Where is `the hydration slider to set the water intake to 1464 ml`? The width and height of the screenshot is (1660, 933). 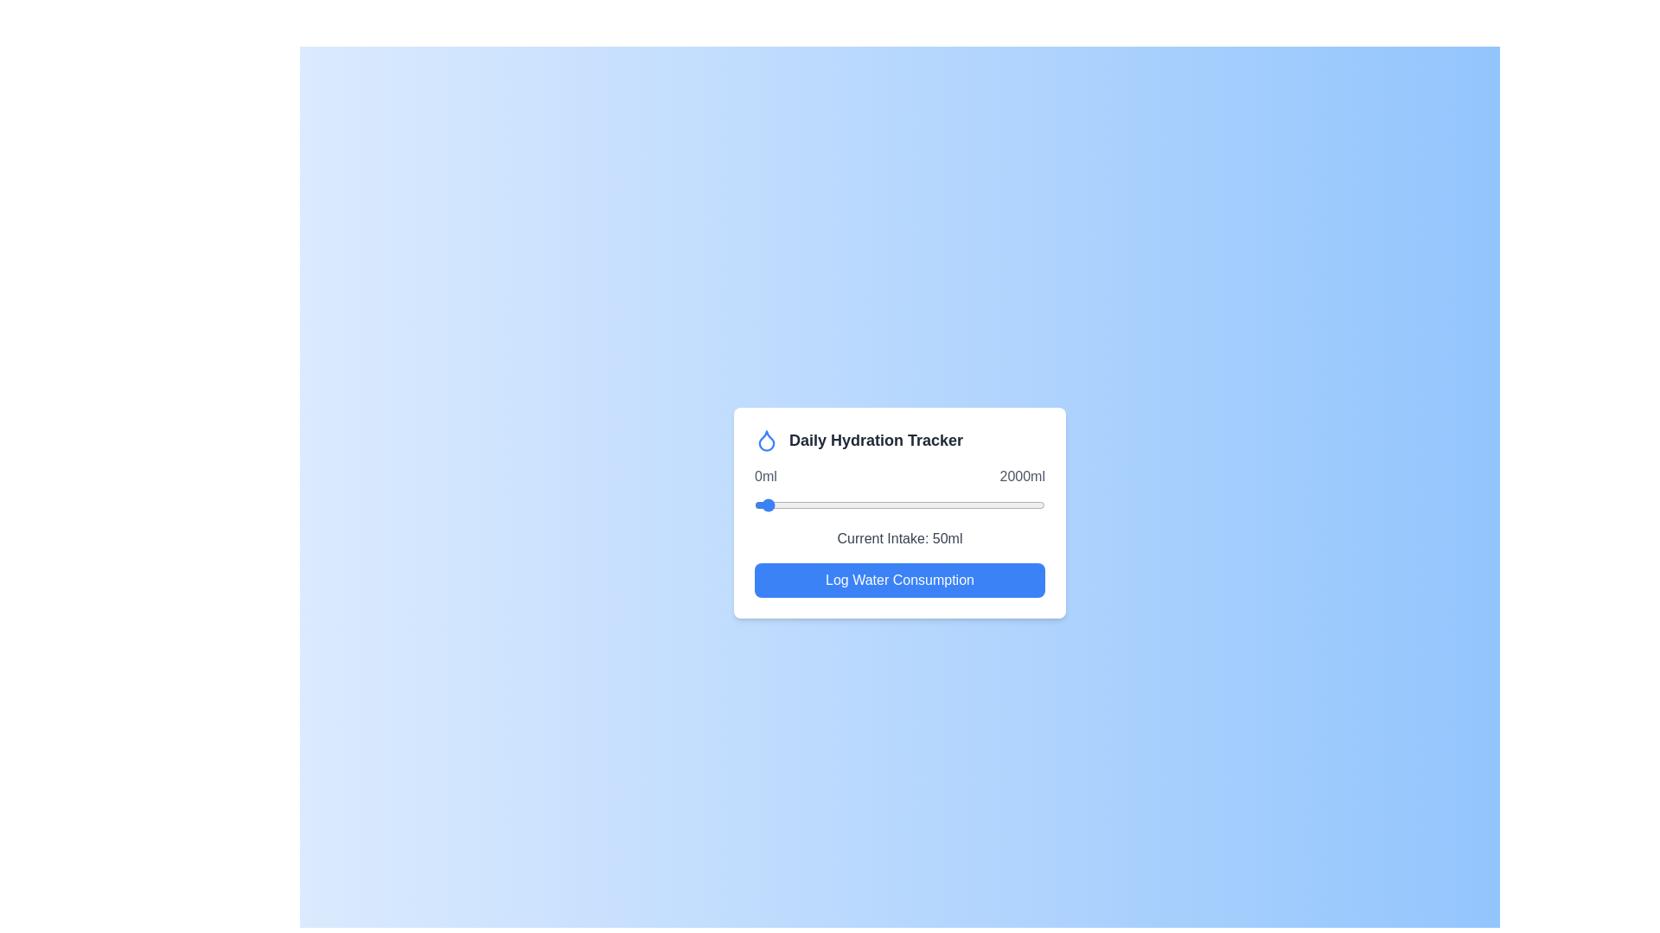
the hydration slider to set the water intake to 1464 ml is located at coordinates (966, 505).